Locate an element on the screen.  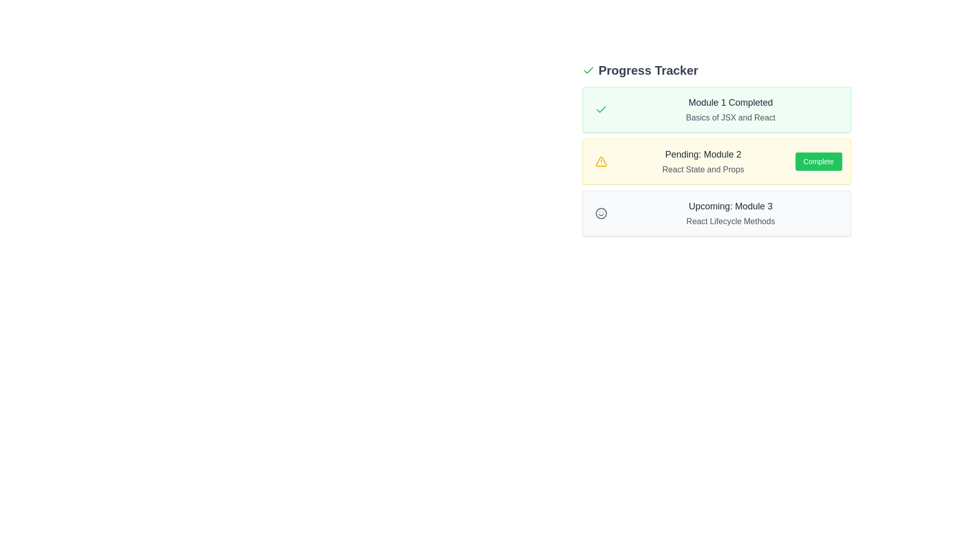
text label displaying 'React State and Props' located below the 'Pending: Module 2' section in the progress tracker is located at coordinates (703, 169).